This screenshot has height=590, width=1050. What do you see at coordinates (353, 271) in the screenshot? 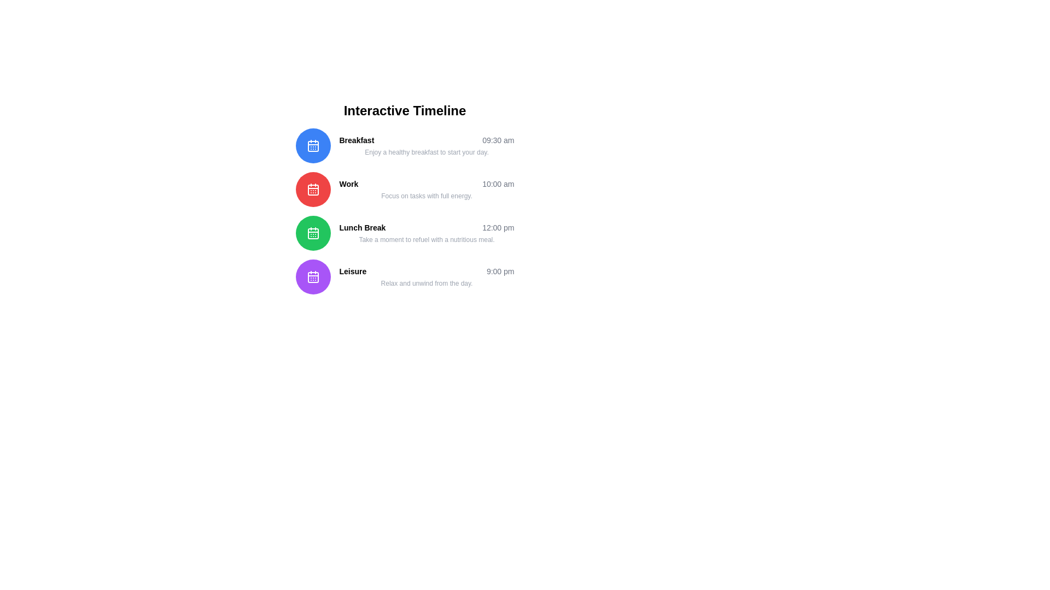
I see `the 'Leisure' text label, which serves as a concise identifier for a timeline event and is positioned adjacent to '9:00 pm' and aligned with the purple circular icon` at bounding box center [353, 271].